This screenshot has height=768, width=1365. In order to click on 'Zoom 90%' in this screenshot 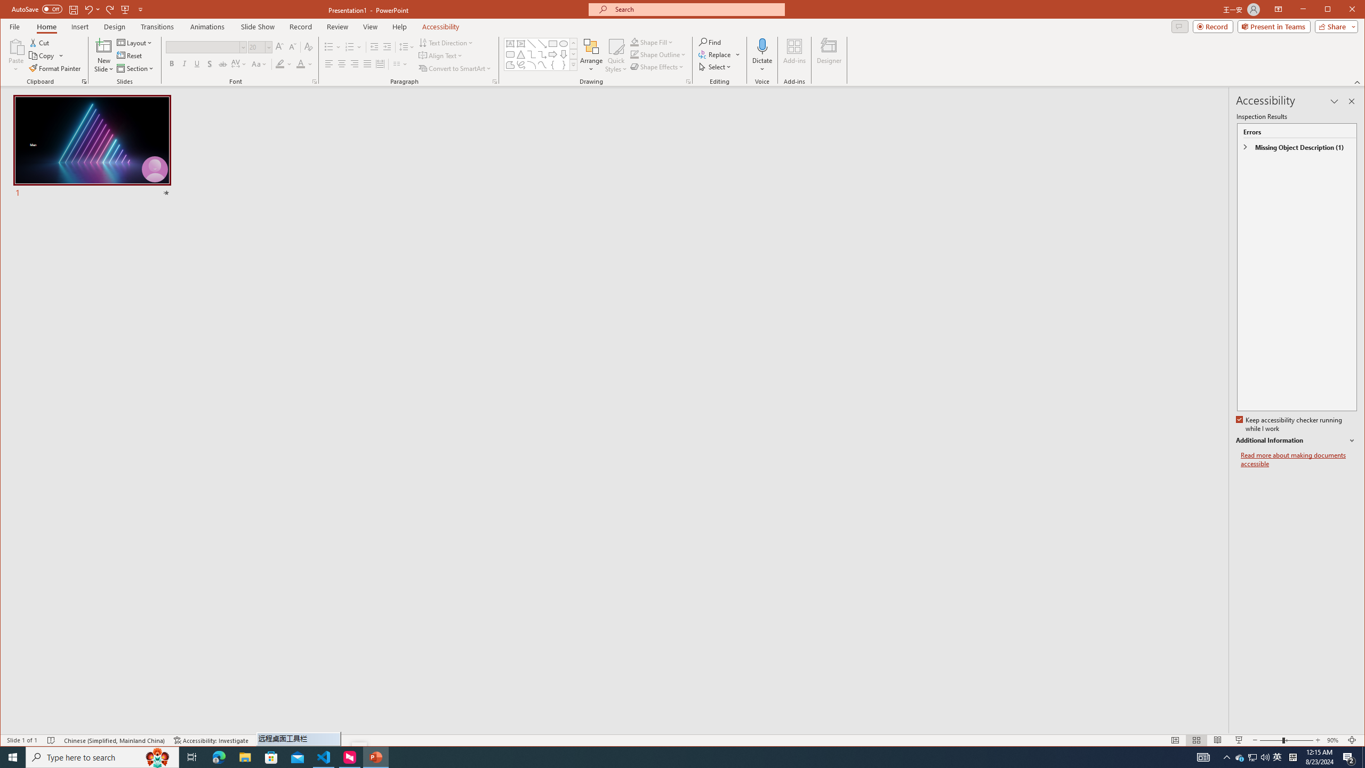, I will do `click(1334, 740)`.